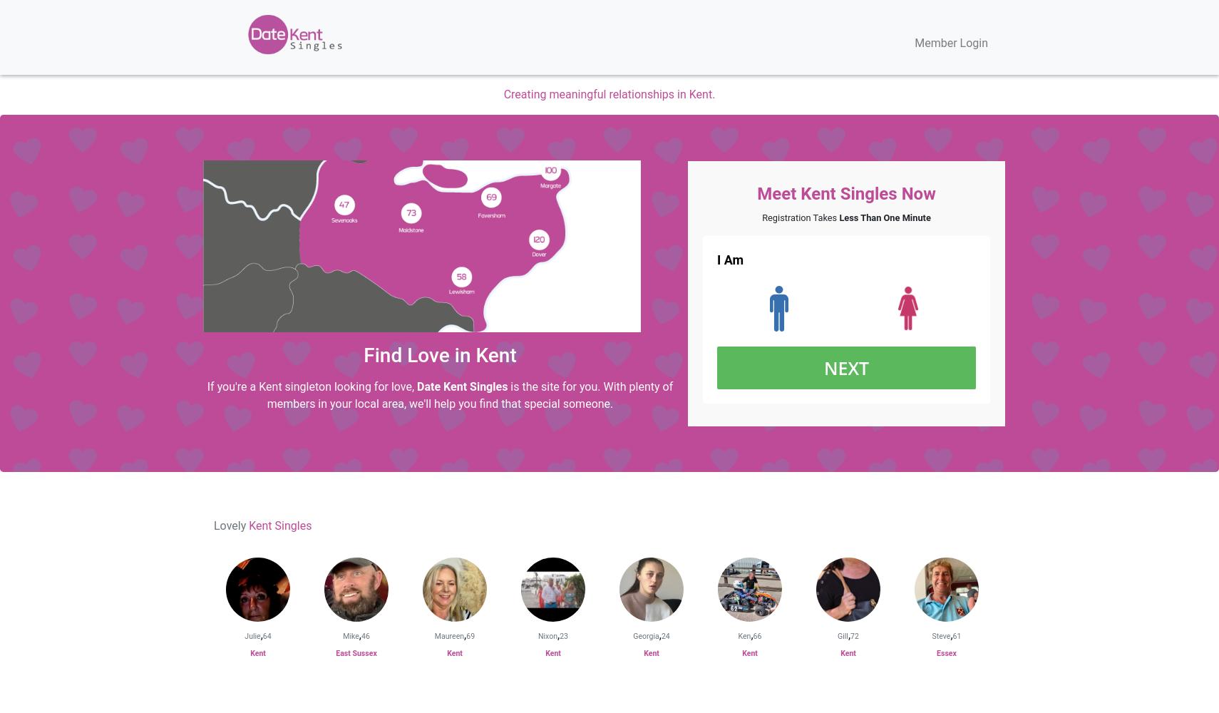  Describe the element at coordinates (940, 636) in the screenshot. I see `'Steve'` at that location.